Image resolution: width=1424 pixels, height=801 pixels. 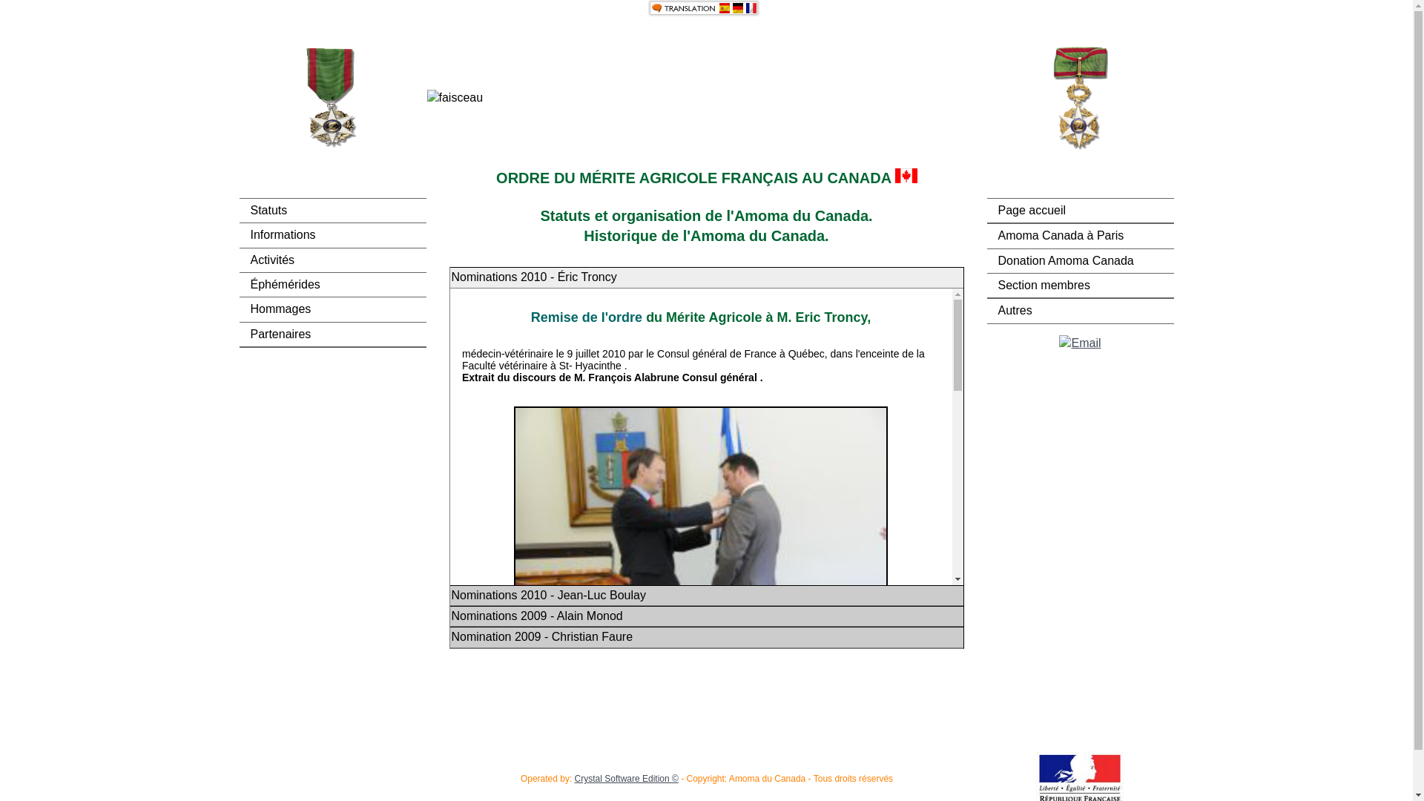 I want to click on 'Autres', so click(x=1079, y=310).